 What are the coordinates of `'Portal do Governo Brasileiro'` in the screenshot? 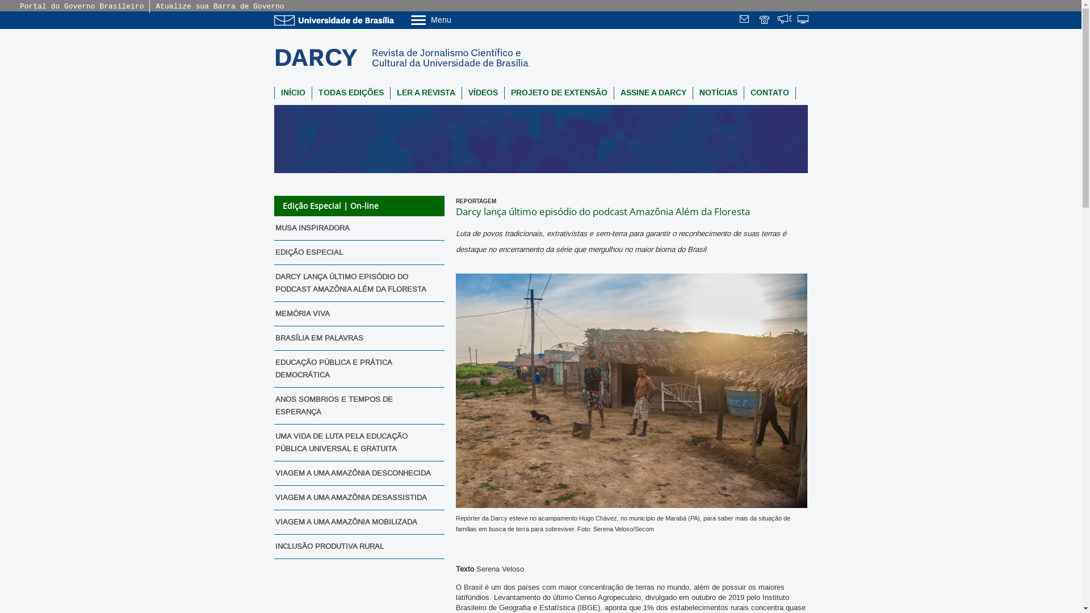 It's located at (81, 6).